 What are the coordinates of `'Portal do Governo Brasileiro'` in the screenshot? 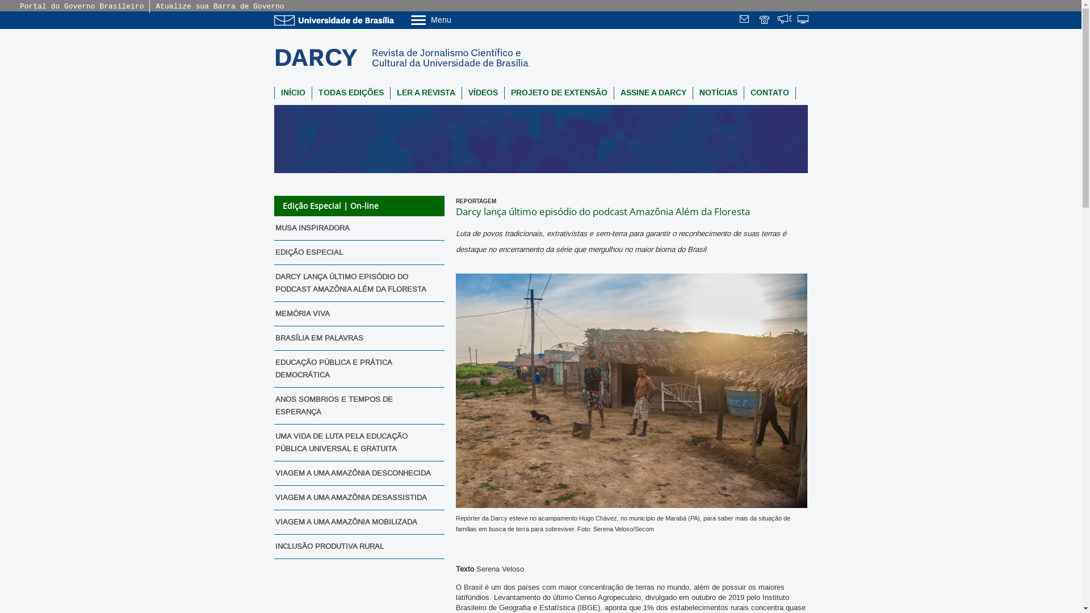 It's located at (81, 6).